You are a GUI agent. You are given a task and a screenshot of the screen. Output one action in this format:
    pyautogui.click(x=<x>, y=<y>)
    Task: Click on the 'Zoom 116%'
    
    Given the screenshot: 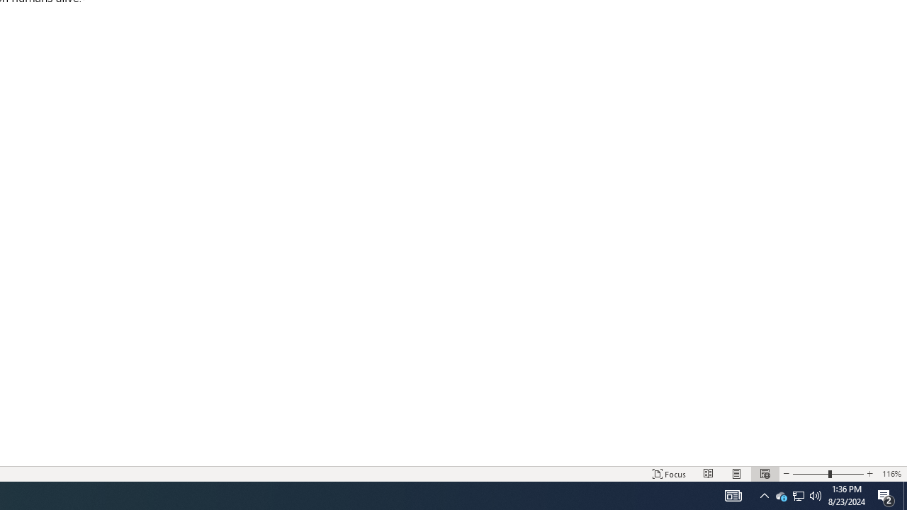 What is the action you would take?
    pyautogui.click(x=891, y=474)
    